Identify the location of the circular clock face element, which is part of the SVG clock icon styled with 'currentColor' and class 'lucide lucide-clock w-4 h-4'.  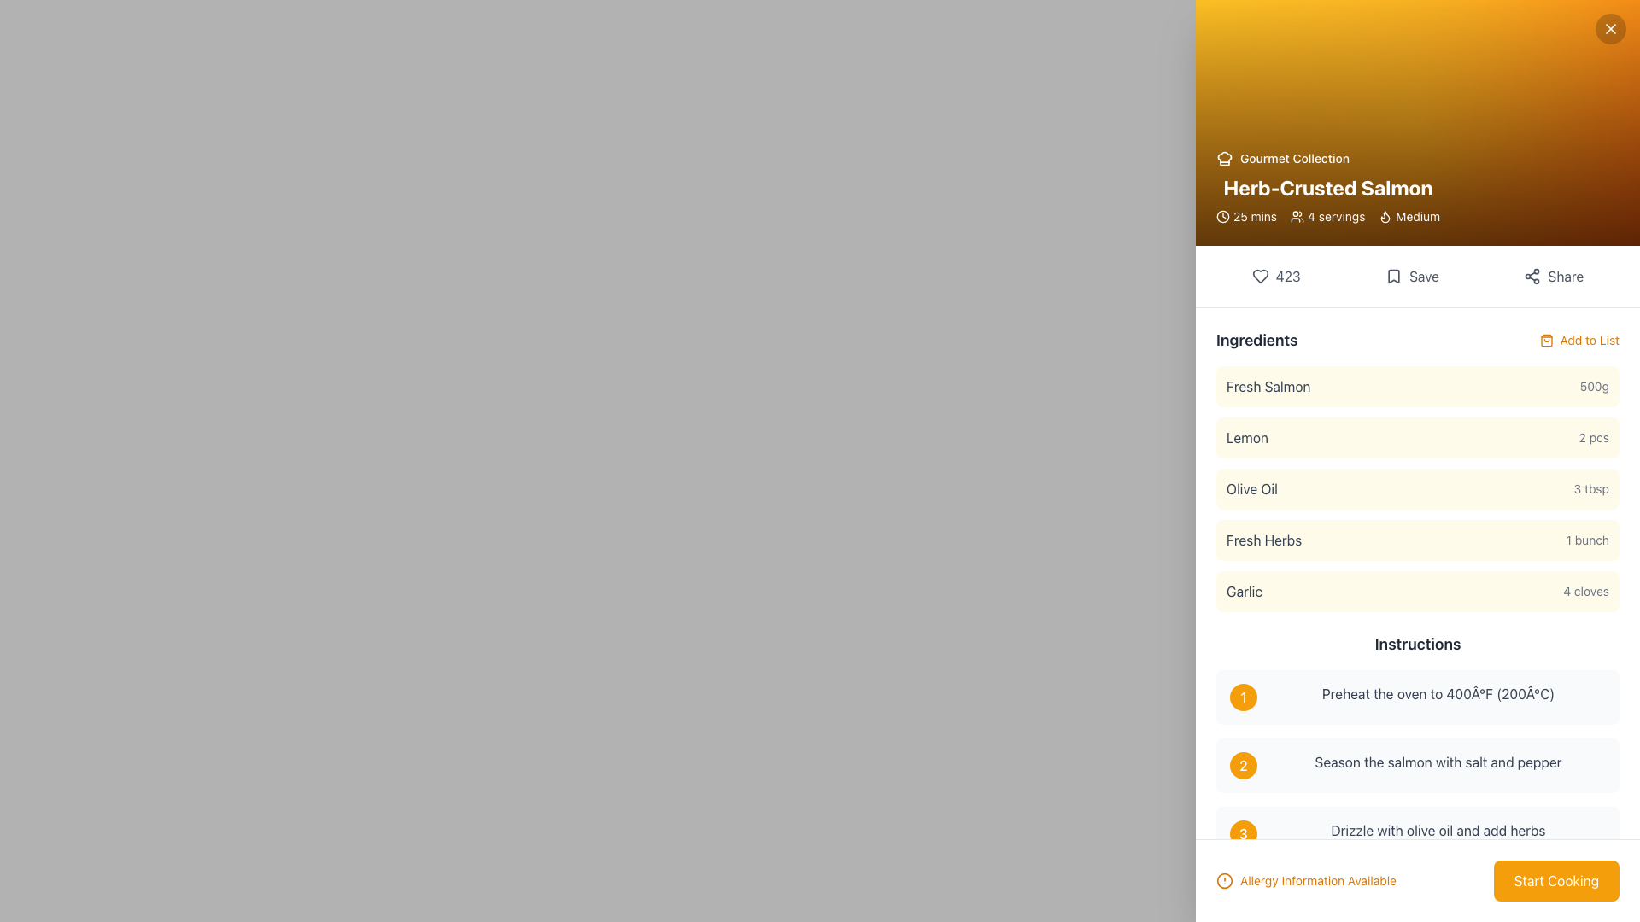
(1221, 215).